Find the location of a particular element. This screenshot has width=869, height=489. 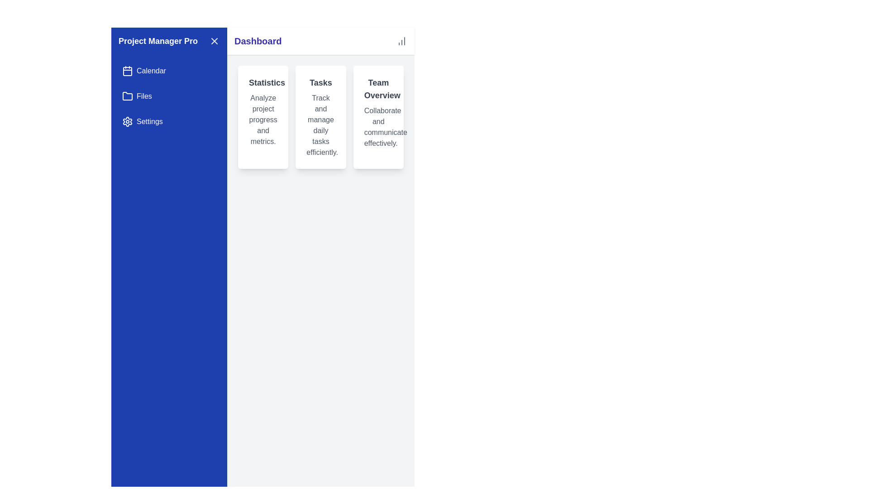

the close icon located in the top-right corner of the blue sidebar, adjacent to 'Project Manager Pro' is located at coordinates (214, 41).